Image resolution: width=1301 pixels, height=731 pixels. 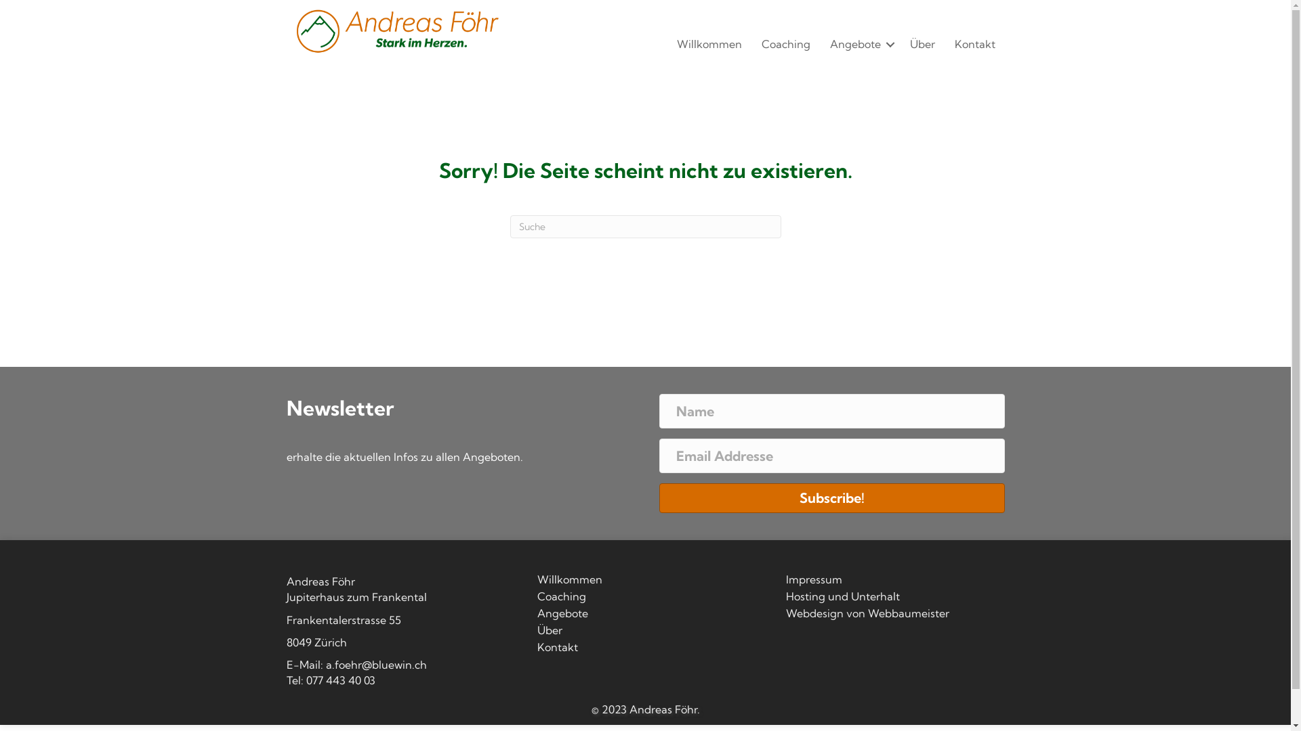 What do you see at coordinates (375, 664) in the screenshot?
I see `'a.foehr@bluewin.ch'` at bounding box center [375, 664].